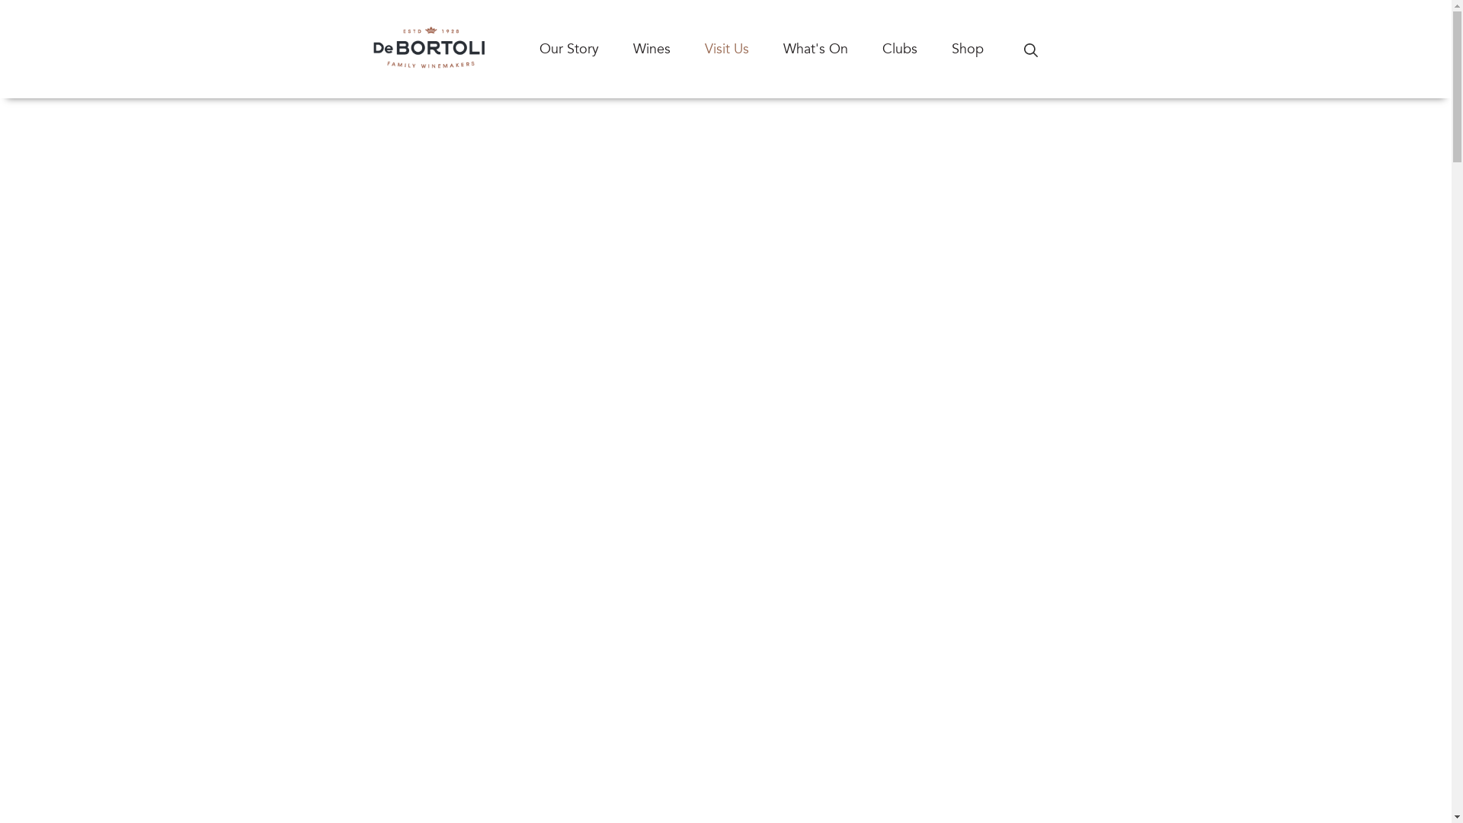 The height and width of the screenshot is (823, 1463). I want to click on 'Clubs', so click(916, 48).